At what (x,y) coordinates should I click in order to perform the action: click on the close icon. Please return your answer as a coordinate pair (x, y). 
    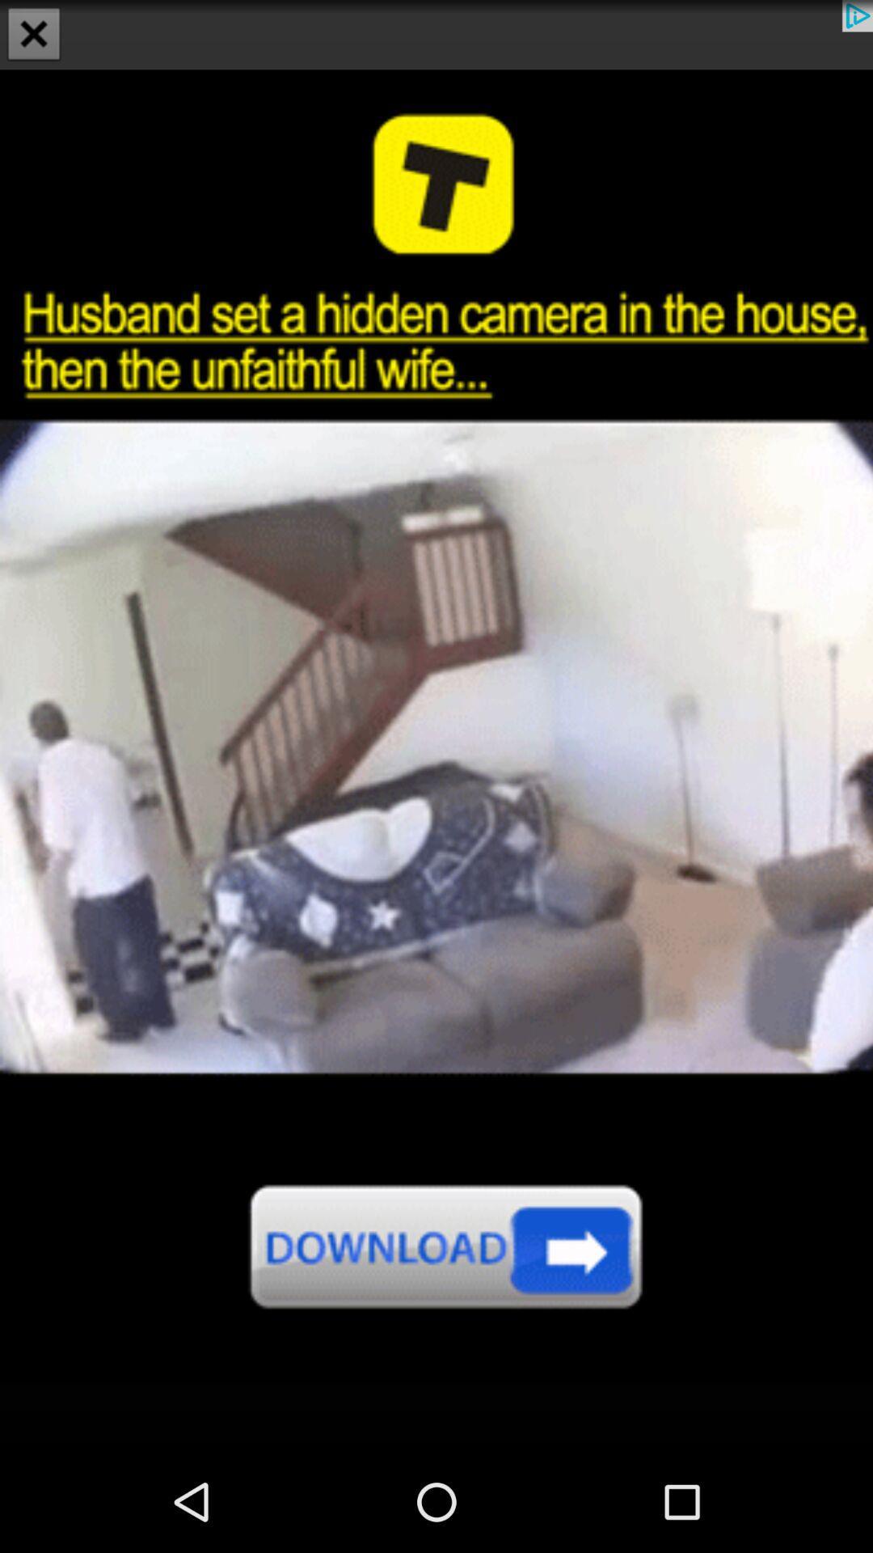
    Looking at the image, I should click on (34, 36).